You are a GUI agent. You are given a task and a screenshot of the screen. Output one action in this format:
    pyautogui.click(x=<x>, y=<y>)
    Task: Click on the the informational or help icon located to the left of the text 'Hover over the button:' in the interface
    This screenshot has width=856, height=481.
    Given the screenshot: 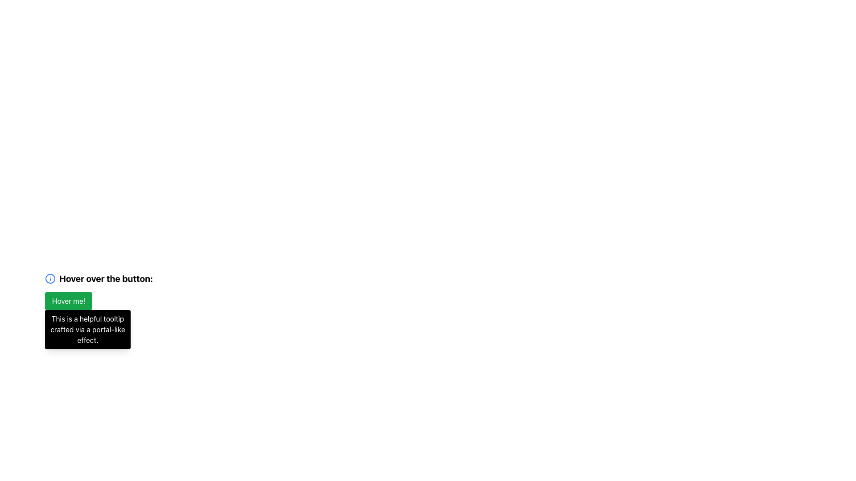 What is the action you would take?
    pyautogui.click(x=50, y=278)
    